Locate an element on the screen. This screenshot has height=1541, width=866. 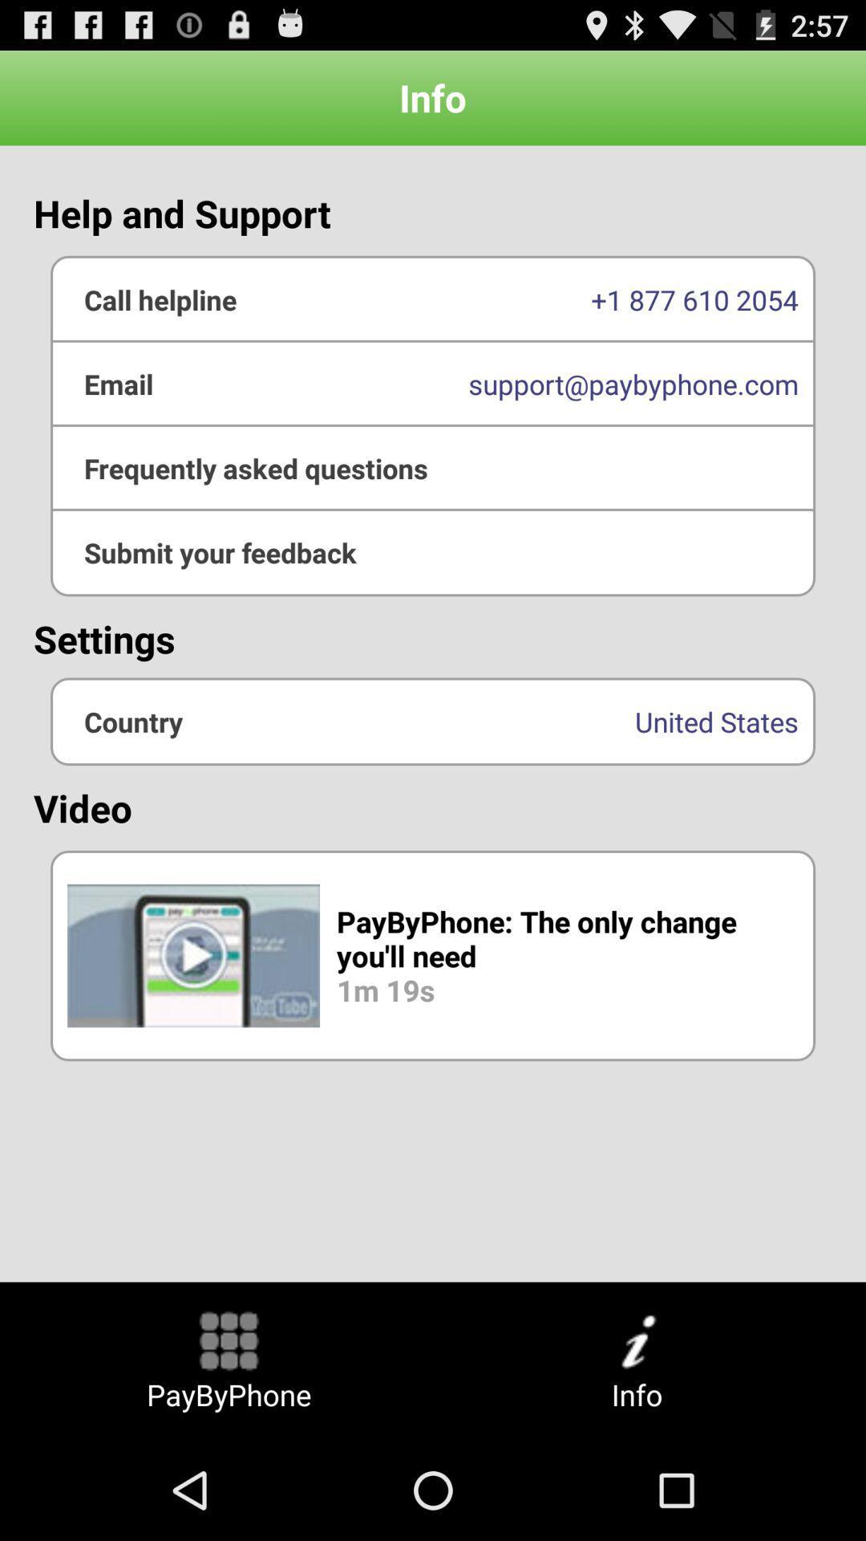
united states icon is located at coordinates (433, 721).